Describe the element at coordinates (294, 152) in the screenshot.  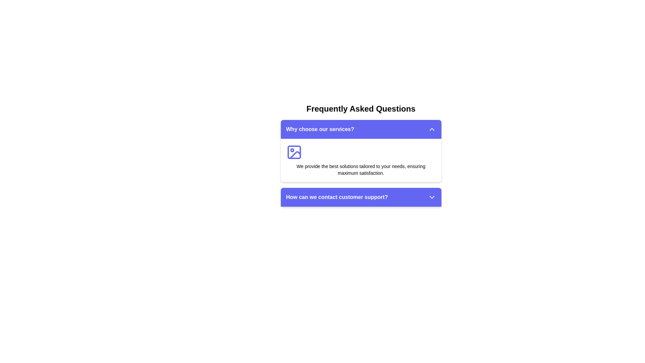
I see `the FAQ icon located under the 'Why choose our services?' collapsible header, which visually represents the content of the associated FAQ entry` at that location.